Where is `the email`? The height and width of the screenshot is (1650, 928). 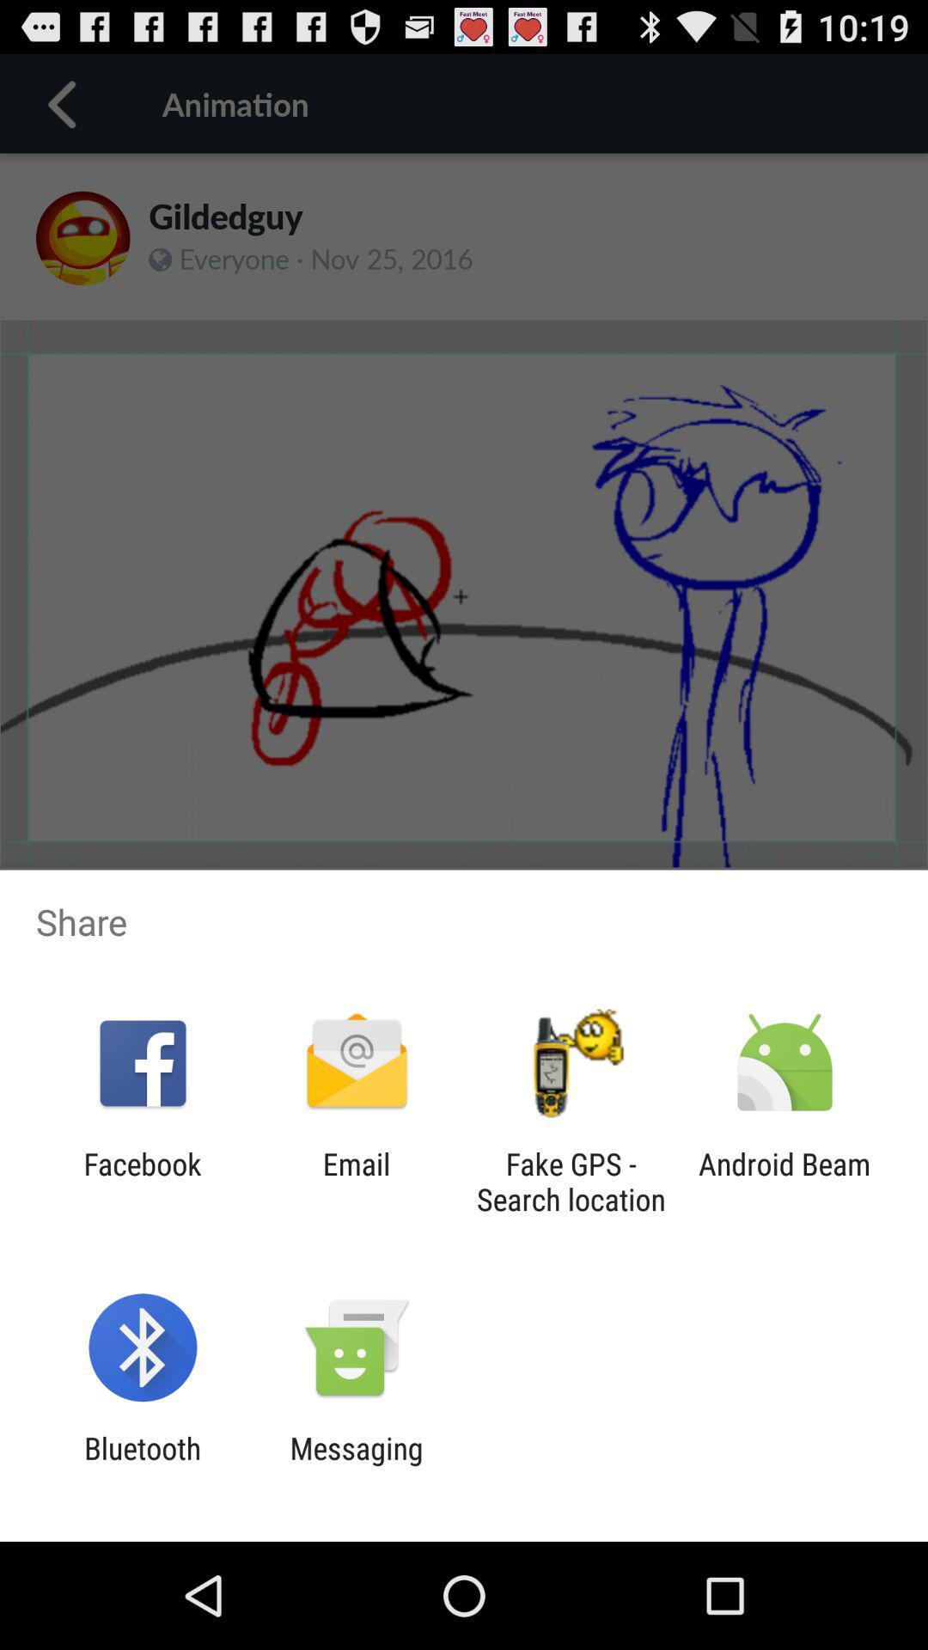
the email is located at coordinates (356, 1181).